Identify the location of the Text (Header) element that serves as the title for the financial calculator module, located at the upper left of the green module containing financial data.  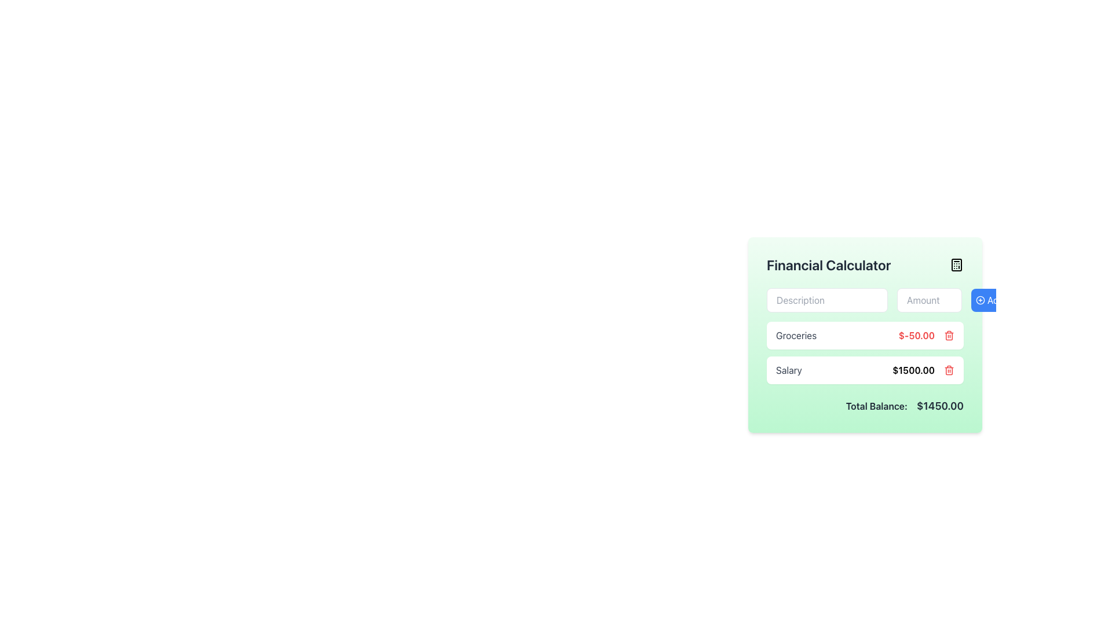
(828, 265).